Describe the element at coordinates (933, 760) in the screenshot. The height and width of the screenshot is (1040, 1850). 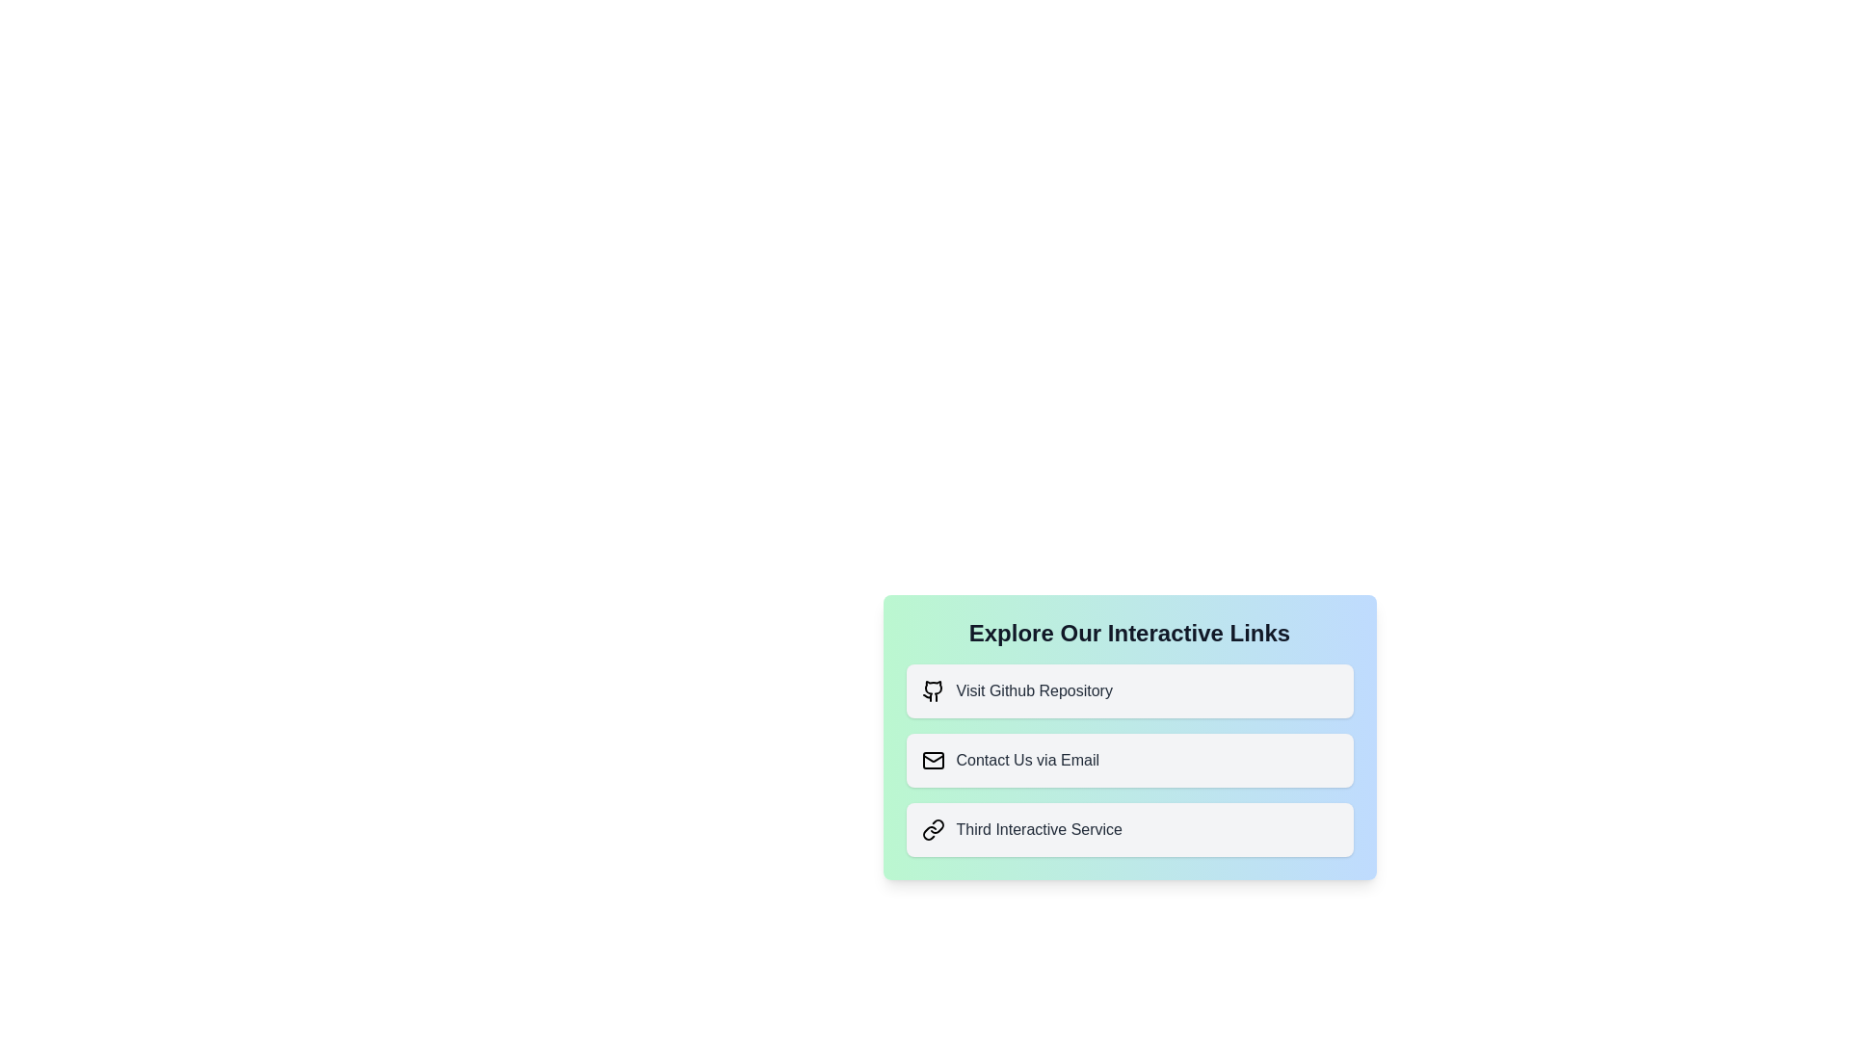
I see `the rectangular shape forming part of the envelope icon, which is aligned to the left of the 'Contact Us via Email' text in the list of interactive links` at that location.